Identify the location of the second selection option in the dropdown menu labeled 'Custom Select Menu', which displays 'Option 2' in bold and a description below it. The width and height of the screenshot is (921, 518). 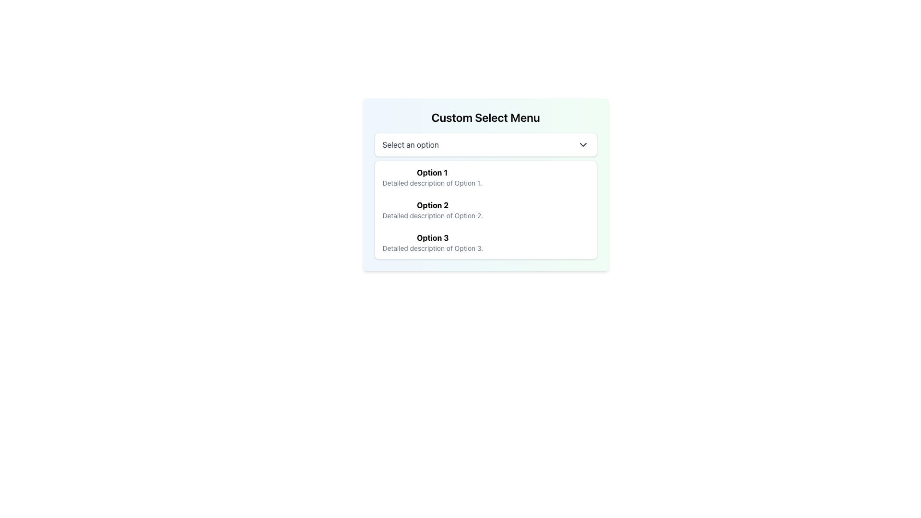
(432, 210).